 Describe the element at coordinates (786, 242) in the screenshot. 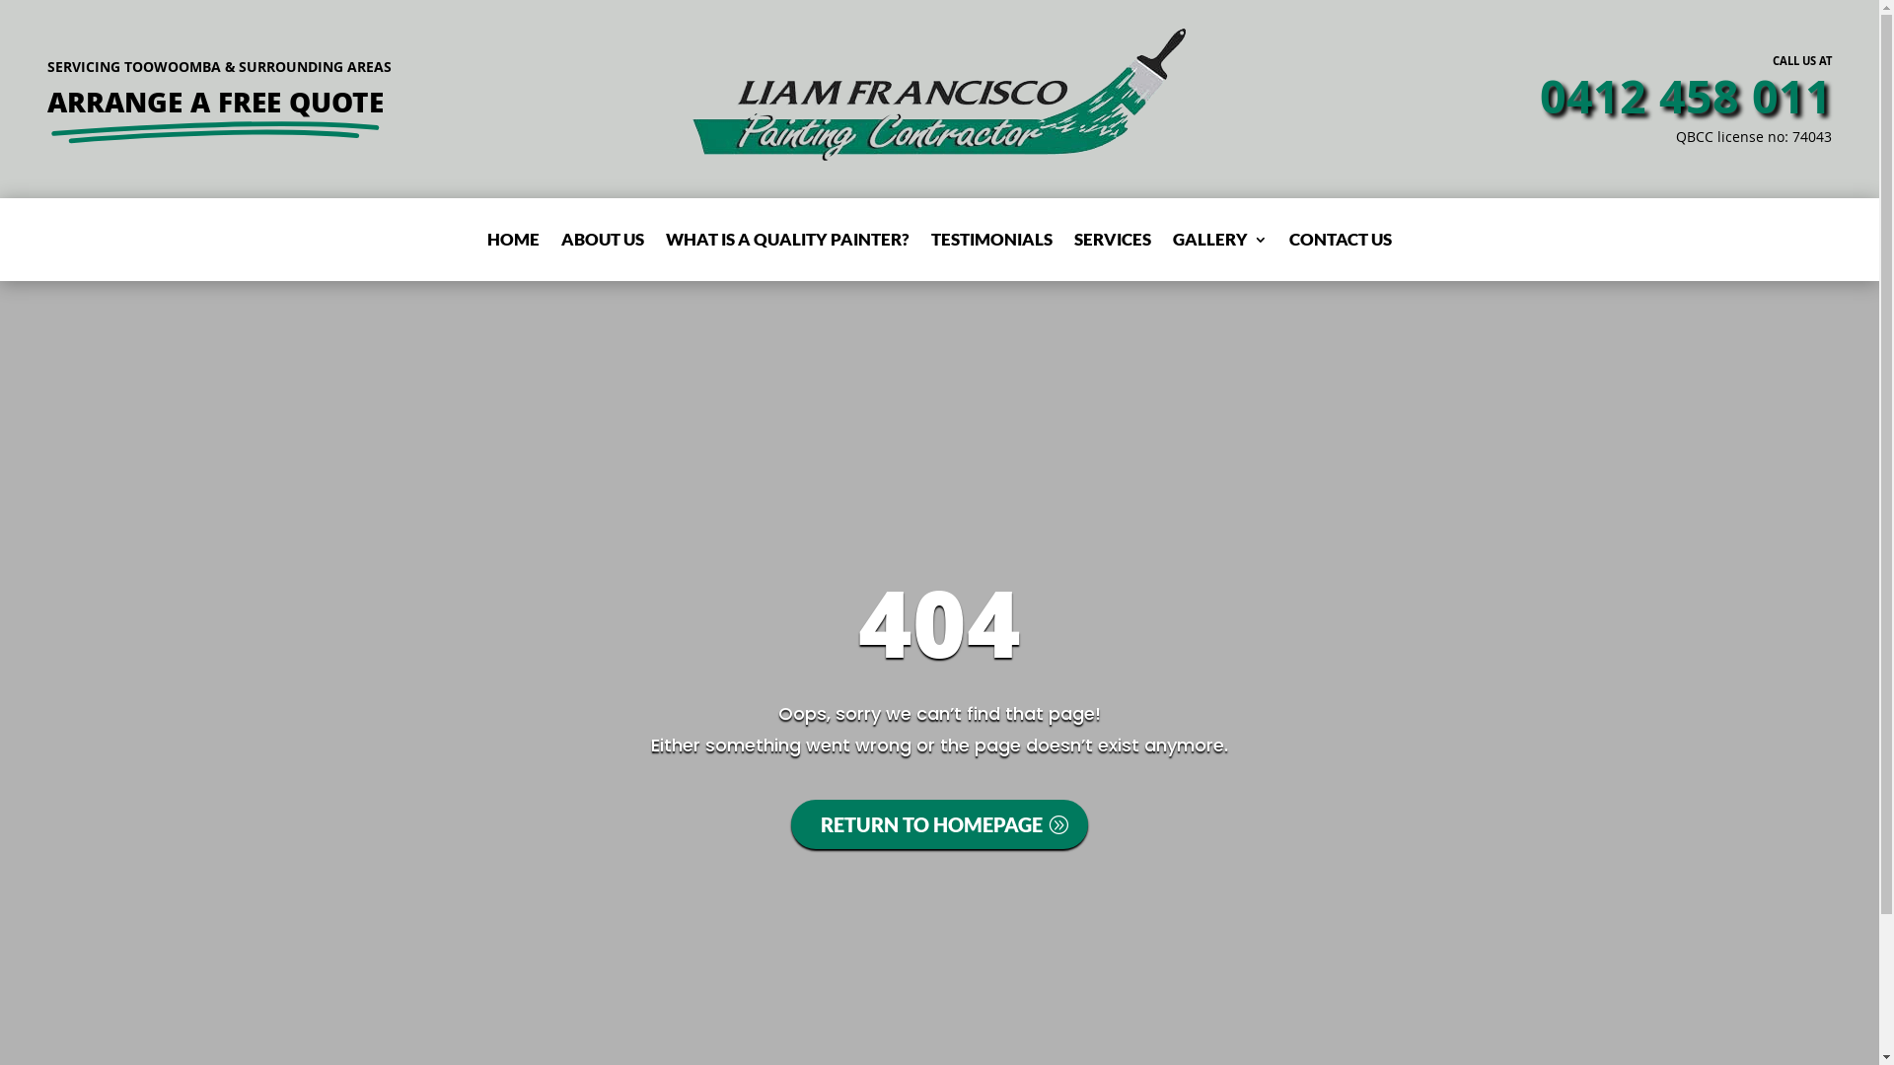

I see `'WHAT IS A QUALITY PAINTER?'` at that location.